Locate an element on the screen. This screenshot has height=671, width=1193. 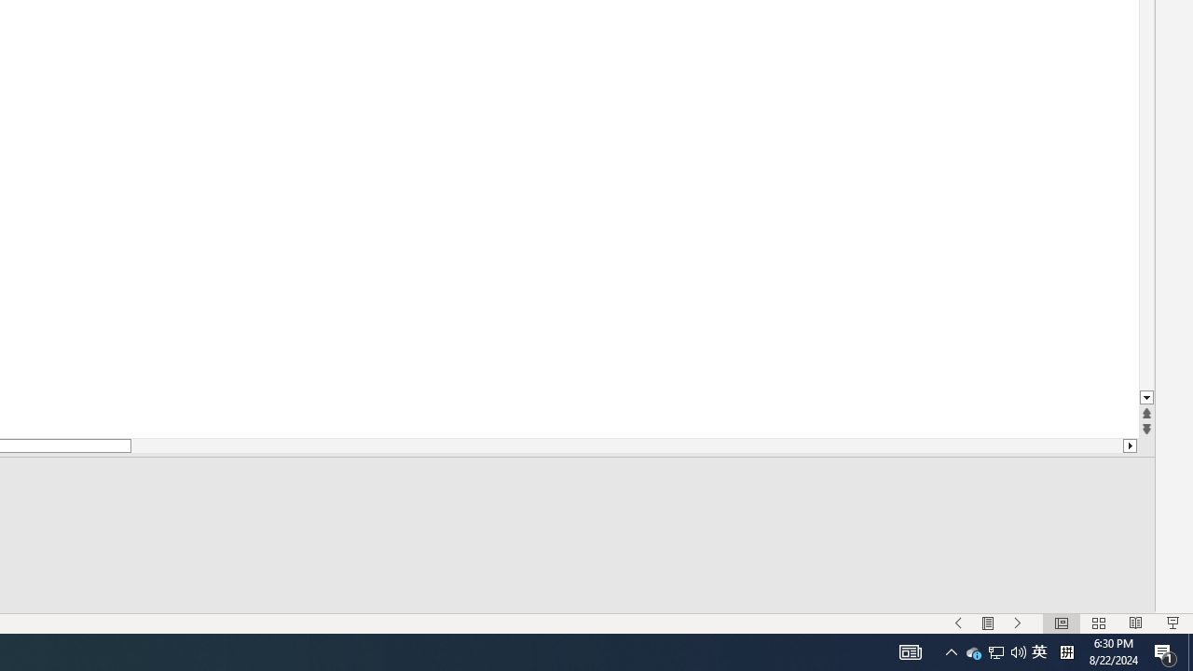
'Slide Show Next On' is located at coordinates (1017, 623).